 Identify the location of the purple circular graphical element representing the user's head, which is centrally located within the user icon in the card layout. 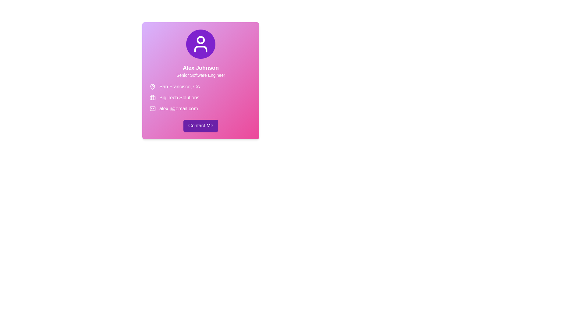
(200, 40).